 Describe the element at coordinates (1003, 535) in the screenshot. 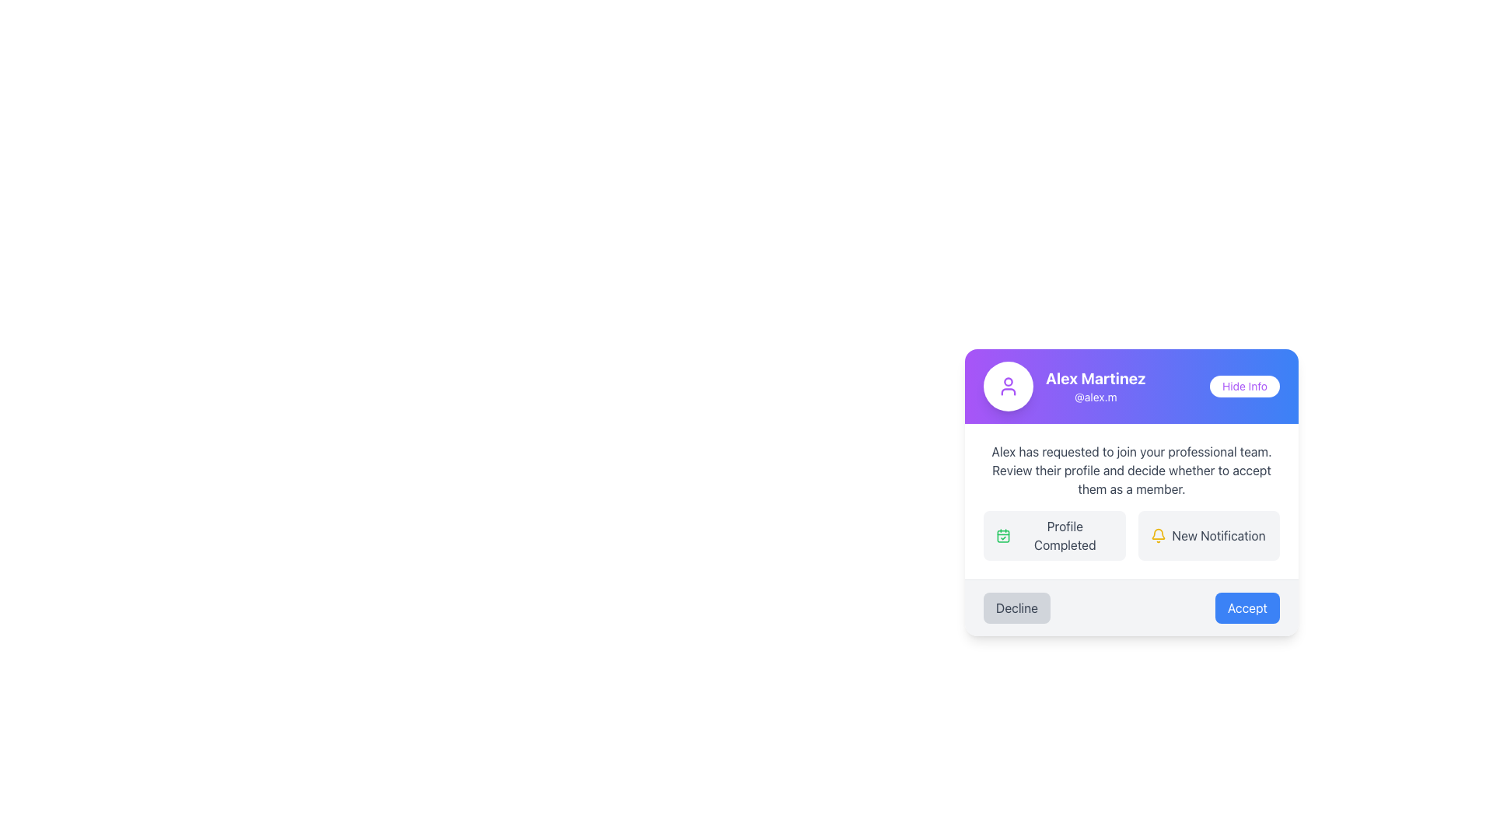

I see `the visual status of the graphical icon component indicating the completed profile status within the 'Profile Completed' label located on the left side of the calendar-shaped icon` at that location.